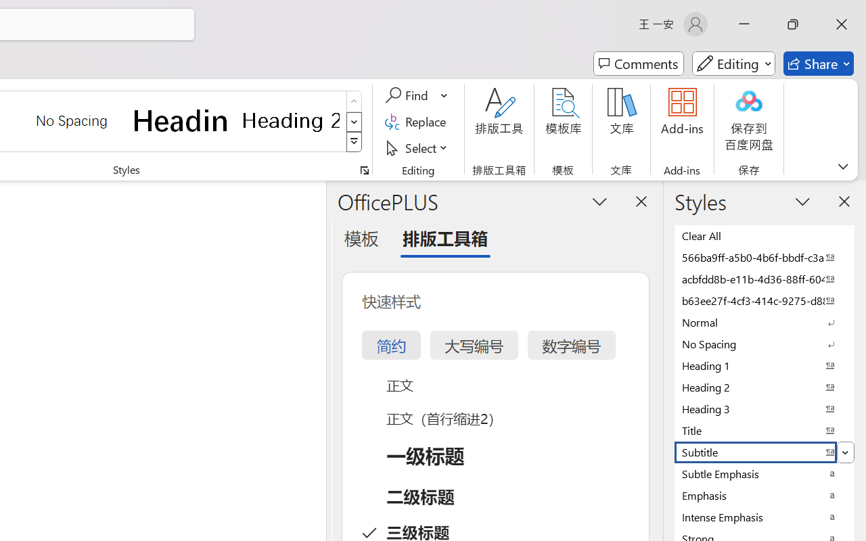 Image resolution: width=866 pixels, height=541 pixels. I want to click on 'Select', so click(417, 147).